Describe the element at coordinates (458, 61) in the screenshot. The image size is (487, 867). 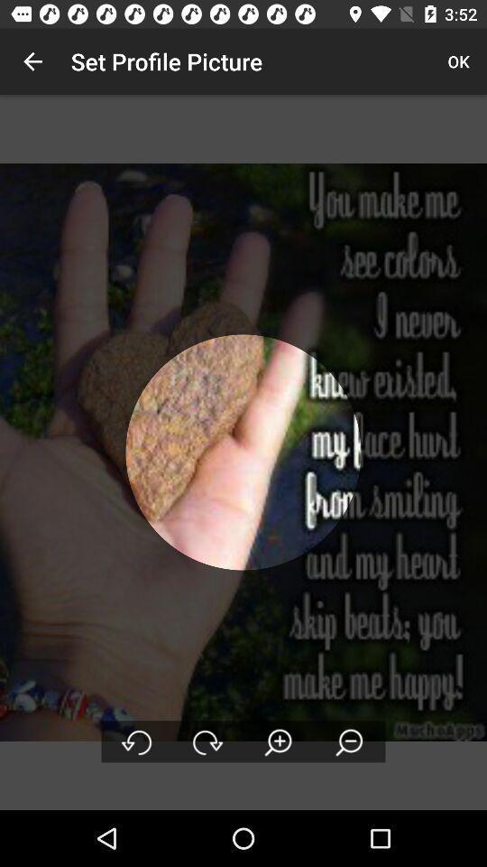
I see `the app to the right of set profile picture` at that location.